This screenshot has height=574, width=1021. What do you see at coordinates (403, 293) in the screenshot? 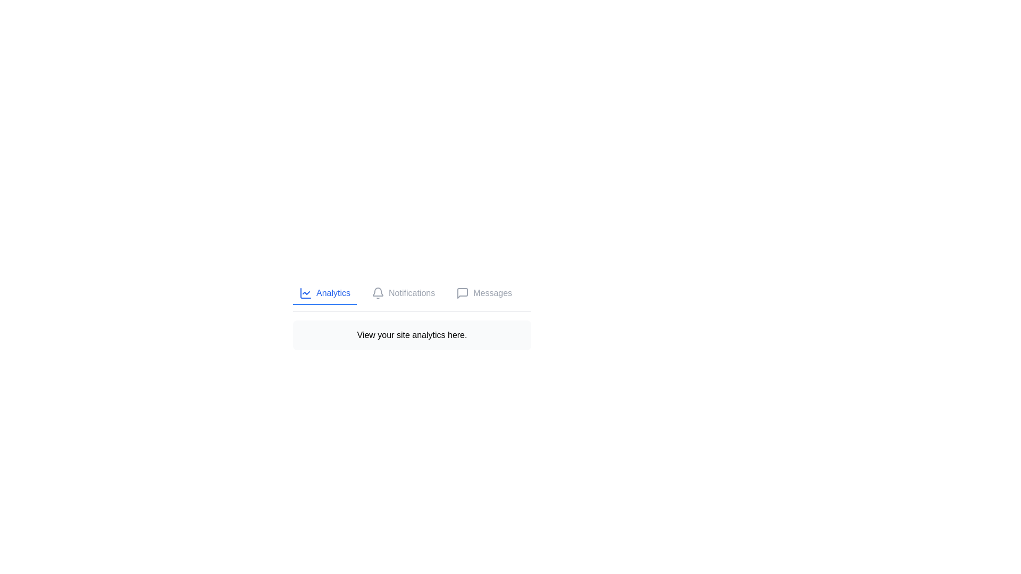
I see `the tab associated with Notifications` at bounding box center [403, 293].